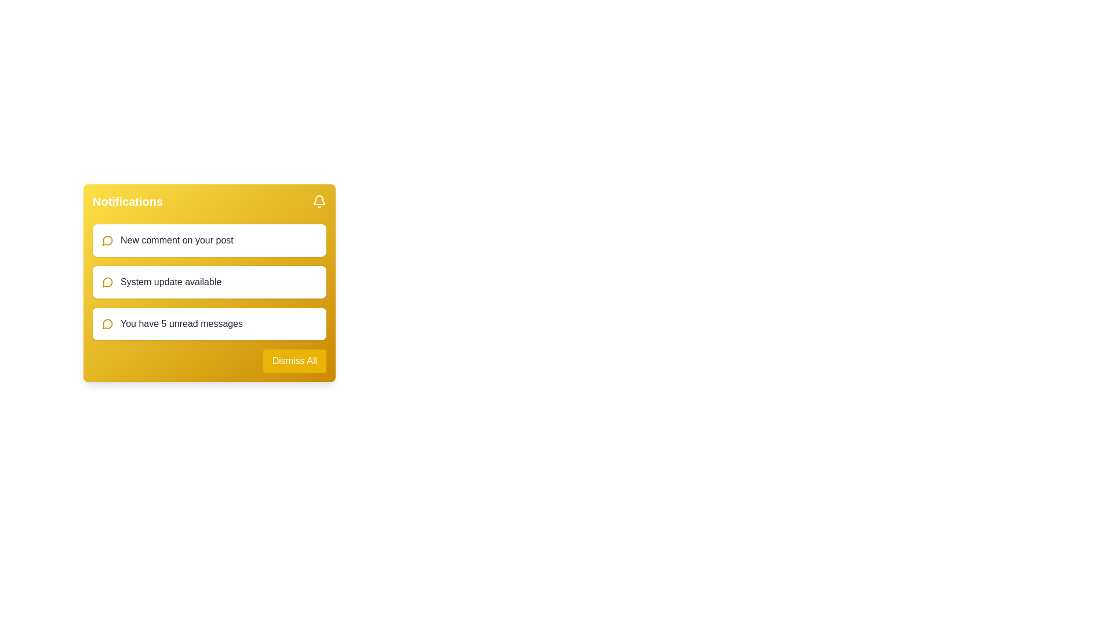 This screenshot has width=1113, height=626. Describe the element at coordinates (128, 201) in the screenshot. I see `header text label located at the top-left corner of the yellow notification panel, which provides context for the notifications area` at that location.